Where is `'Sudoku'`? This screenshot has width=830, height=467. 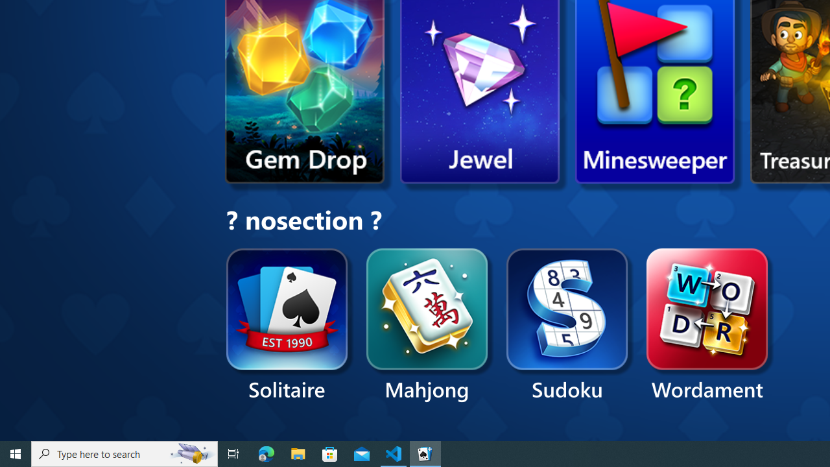 'Sudoku' is located at coordinates (567, 325).